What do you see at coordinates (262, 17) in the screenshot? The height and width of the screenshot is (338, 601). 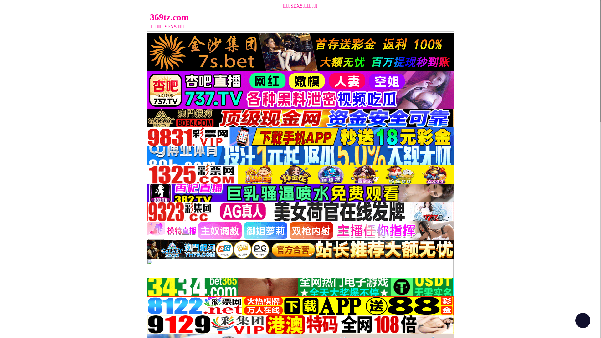 I see `'369tz.com'` at bounding box center [262, 17].